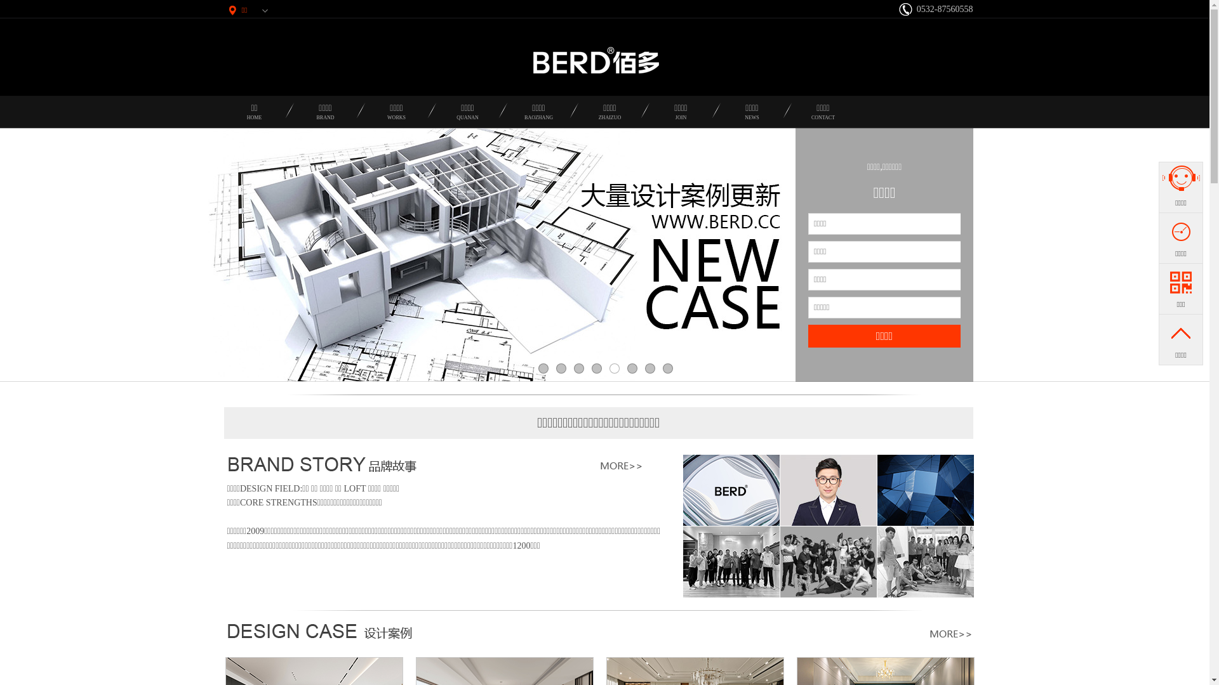 This screenshot has height=685, width=1219. Describe the element at coordinates (667, 369) in the screenshot. I see `'8'` at that location.